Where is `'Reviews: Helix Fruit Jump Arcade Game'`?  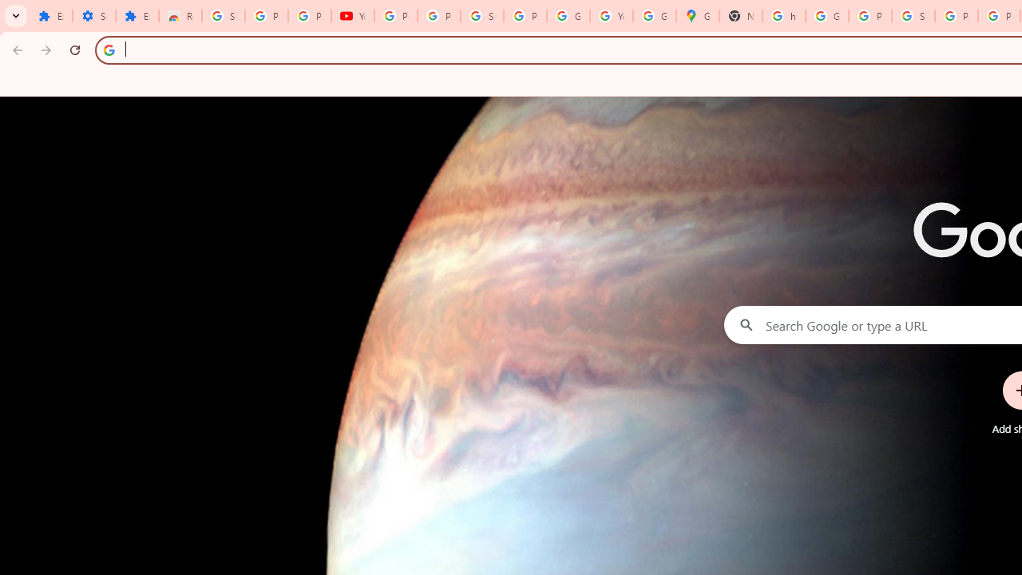 'Reviews: Helix Fruit Jump Arcade Game' is located at coordinates (180, 16).